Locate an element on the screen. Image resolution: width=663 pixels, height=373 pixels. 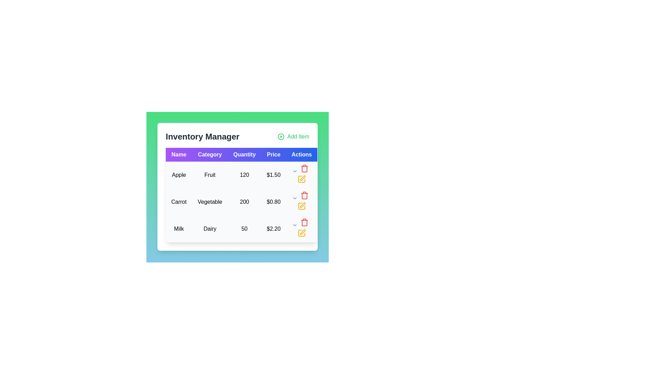
the edit icon in the last column of the third row for the 'Milk' entry is located at coordinates (301, 229).